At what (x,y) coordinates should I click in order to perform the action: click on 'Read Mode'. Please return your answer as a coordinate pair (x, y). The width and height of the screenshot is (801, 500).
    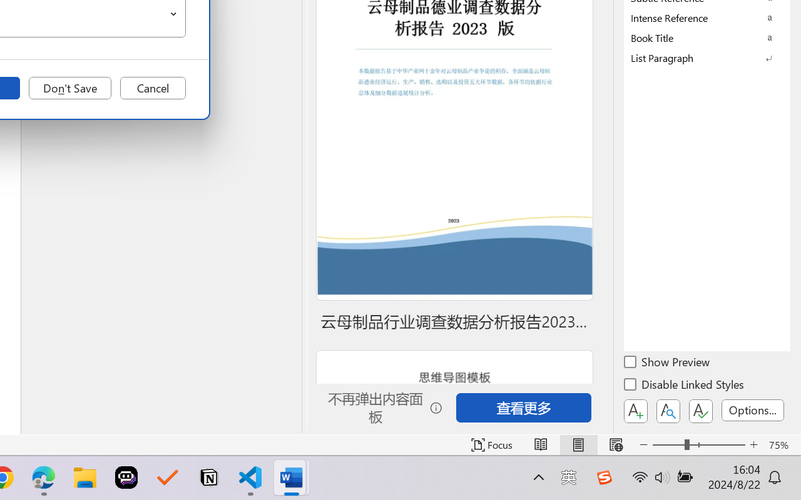
    Looking at the image, I should click on (541, 444).